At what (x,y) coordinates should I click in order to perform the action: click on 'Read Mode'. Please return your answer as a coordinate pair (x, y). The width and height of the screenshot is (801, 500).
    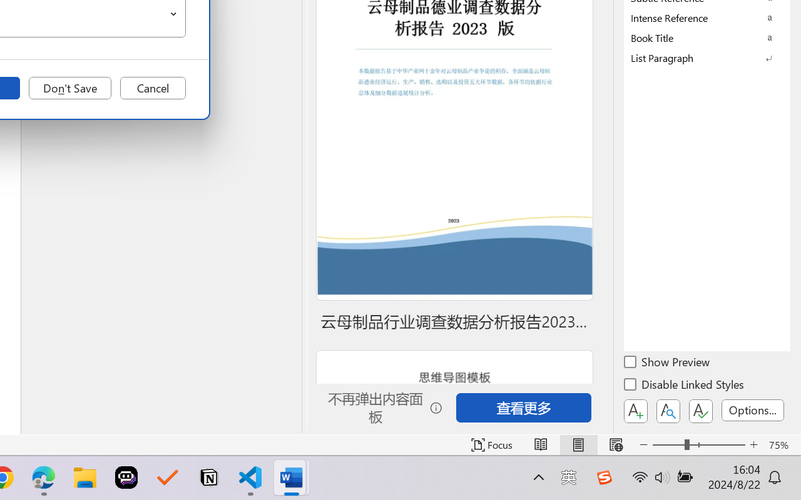
    Looking at the image, I should click on (541, 444).